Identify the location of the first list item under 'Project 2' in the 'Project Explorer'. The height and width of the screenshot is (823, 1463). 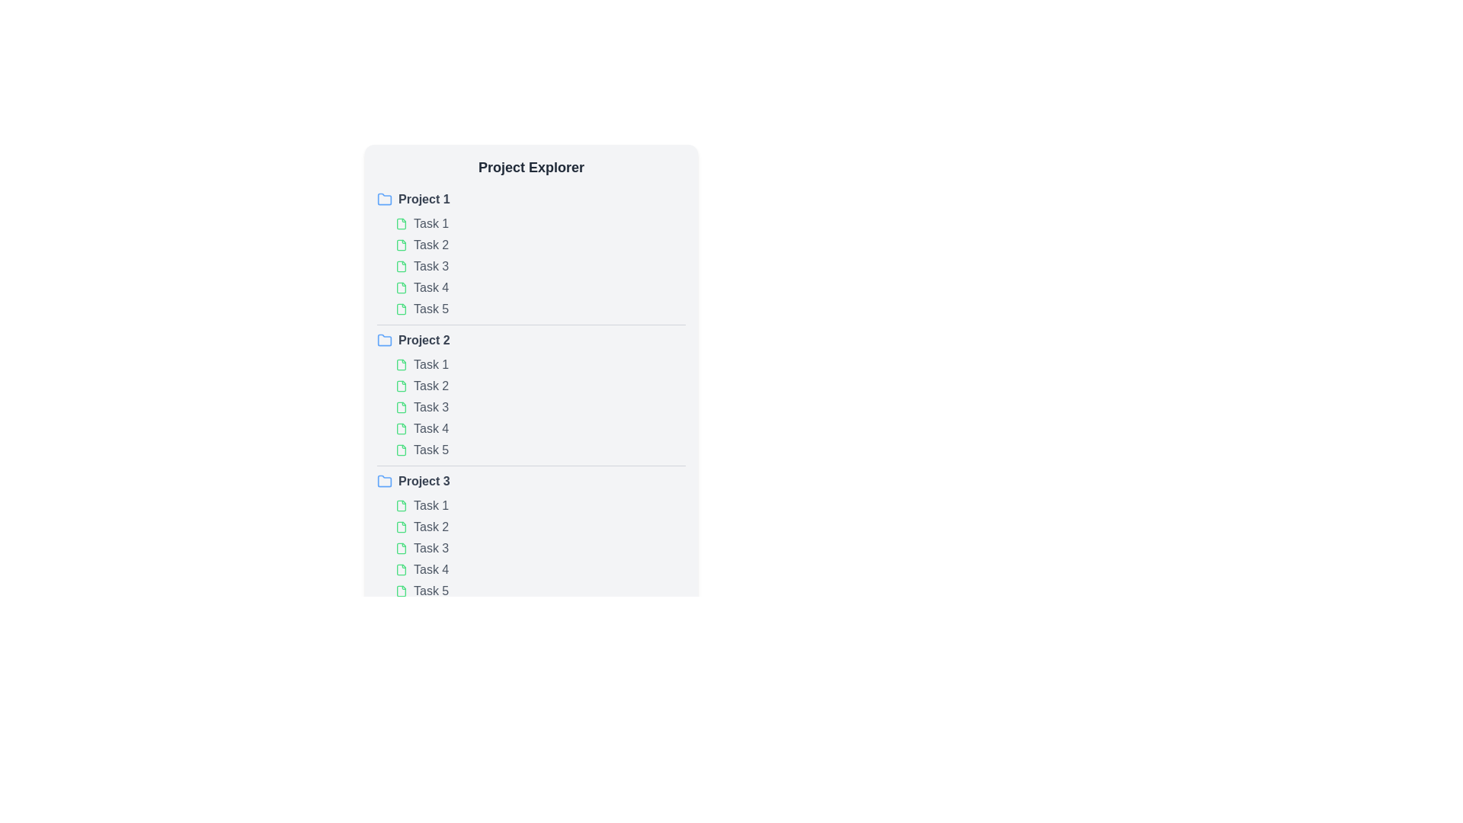
(540, 364).